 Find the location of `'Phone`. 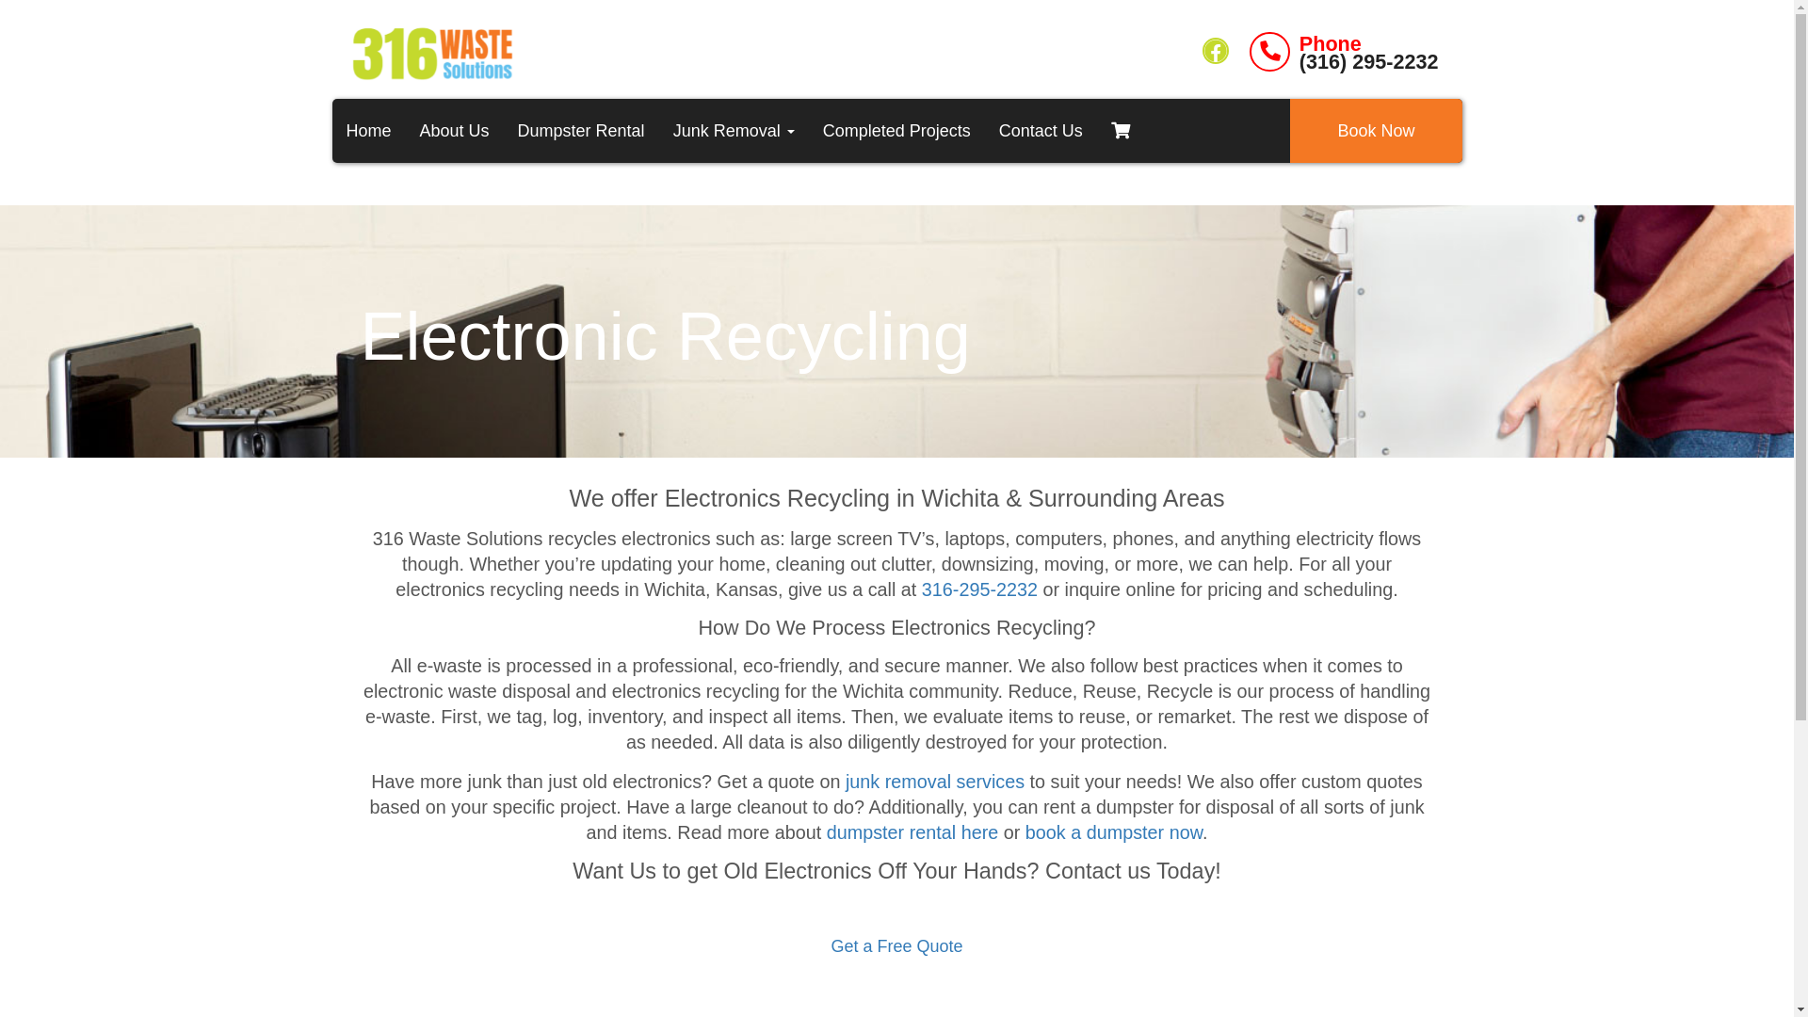

'Phone is located at coordinates (1342, 51).